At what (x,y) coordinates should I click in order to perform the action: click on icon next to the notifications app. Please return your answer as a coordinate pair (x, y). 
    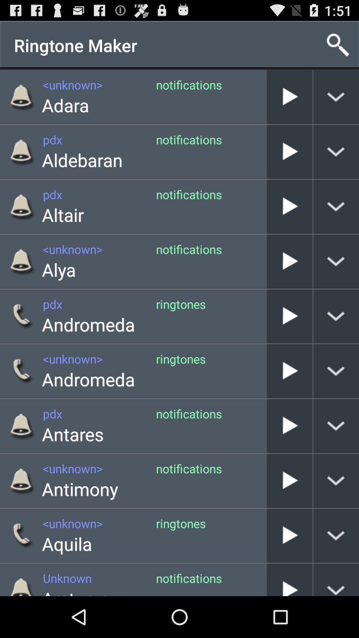
    Looking at the image, I should click on (65, 105).